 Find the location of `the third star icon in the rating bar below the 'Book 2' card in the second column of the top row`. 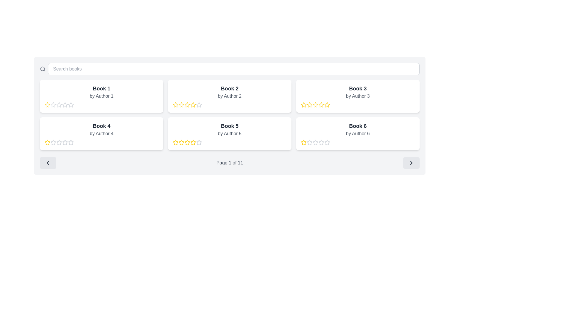

the third star icon in the rating bar below the 'Book 2' card in the second column of the top row is located at coordinates (187, 104).